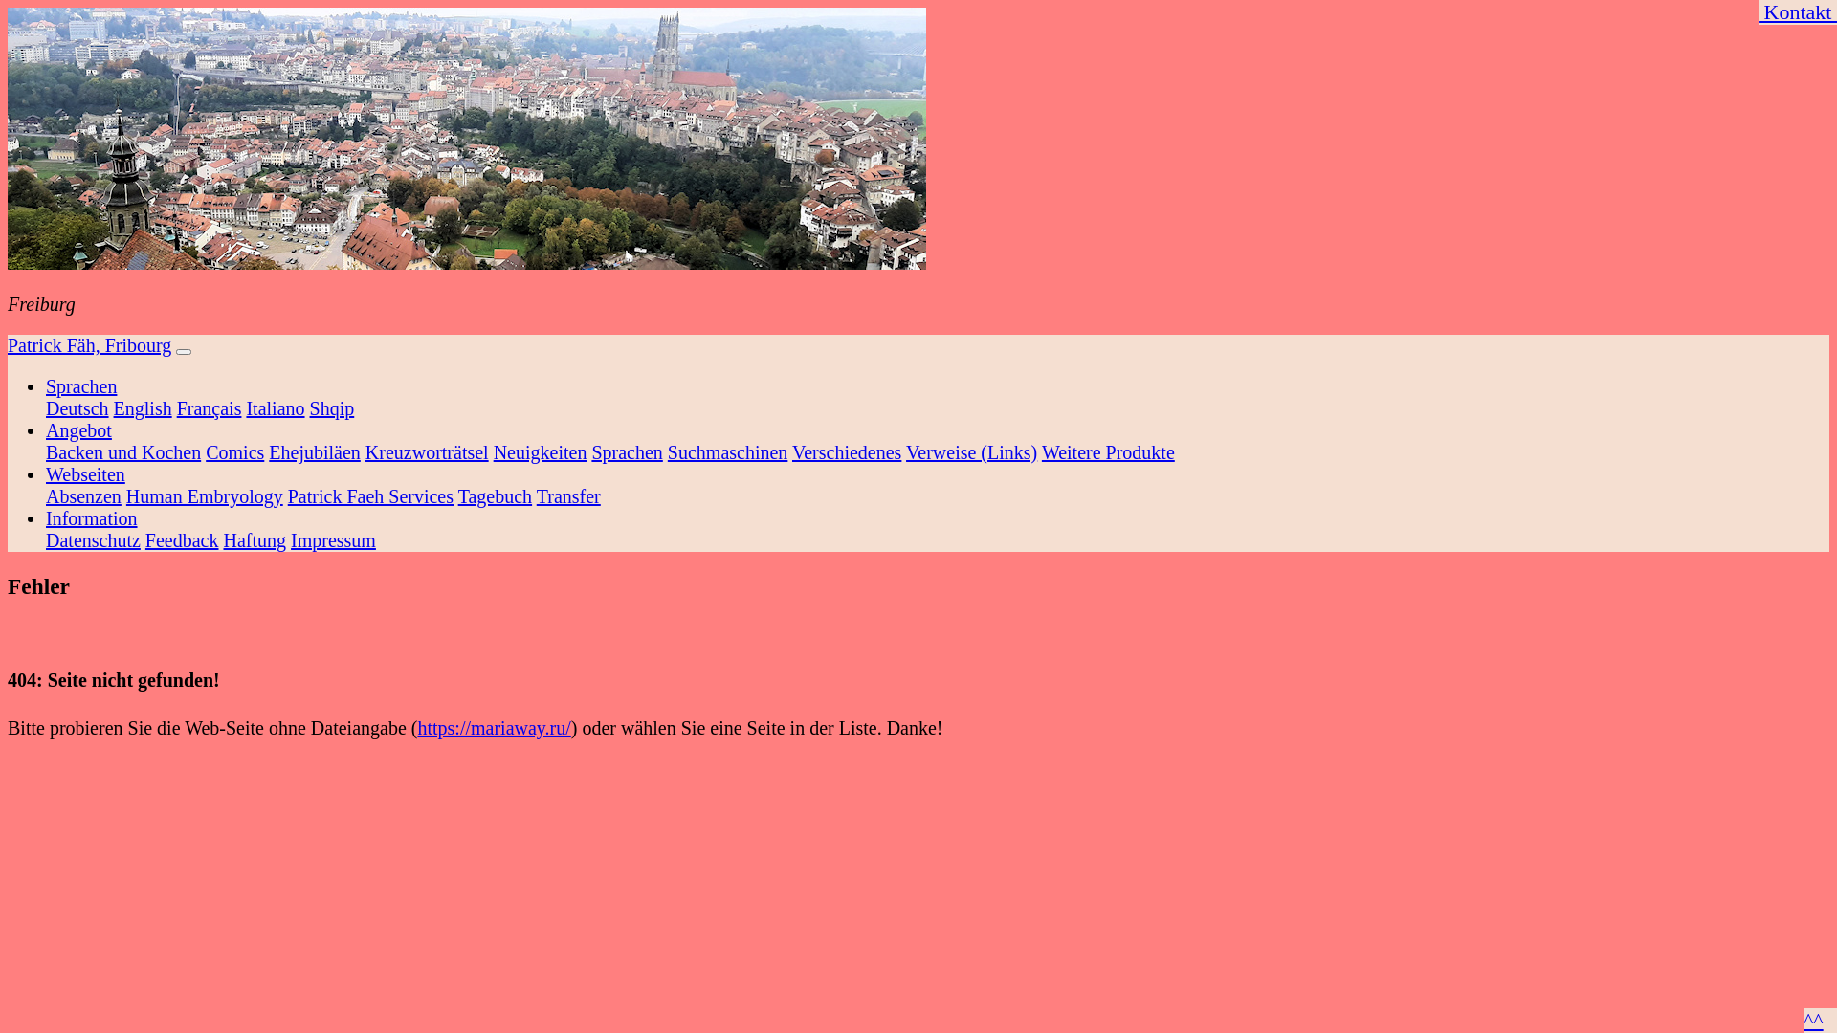 Image resolution: width=1837 pixels, height=1033 pixels. I want to click on 'Impressum', so click(289, 539).